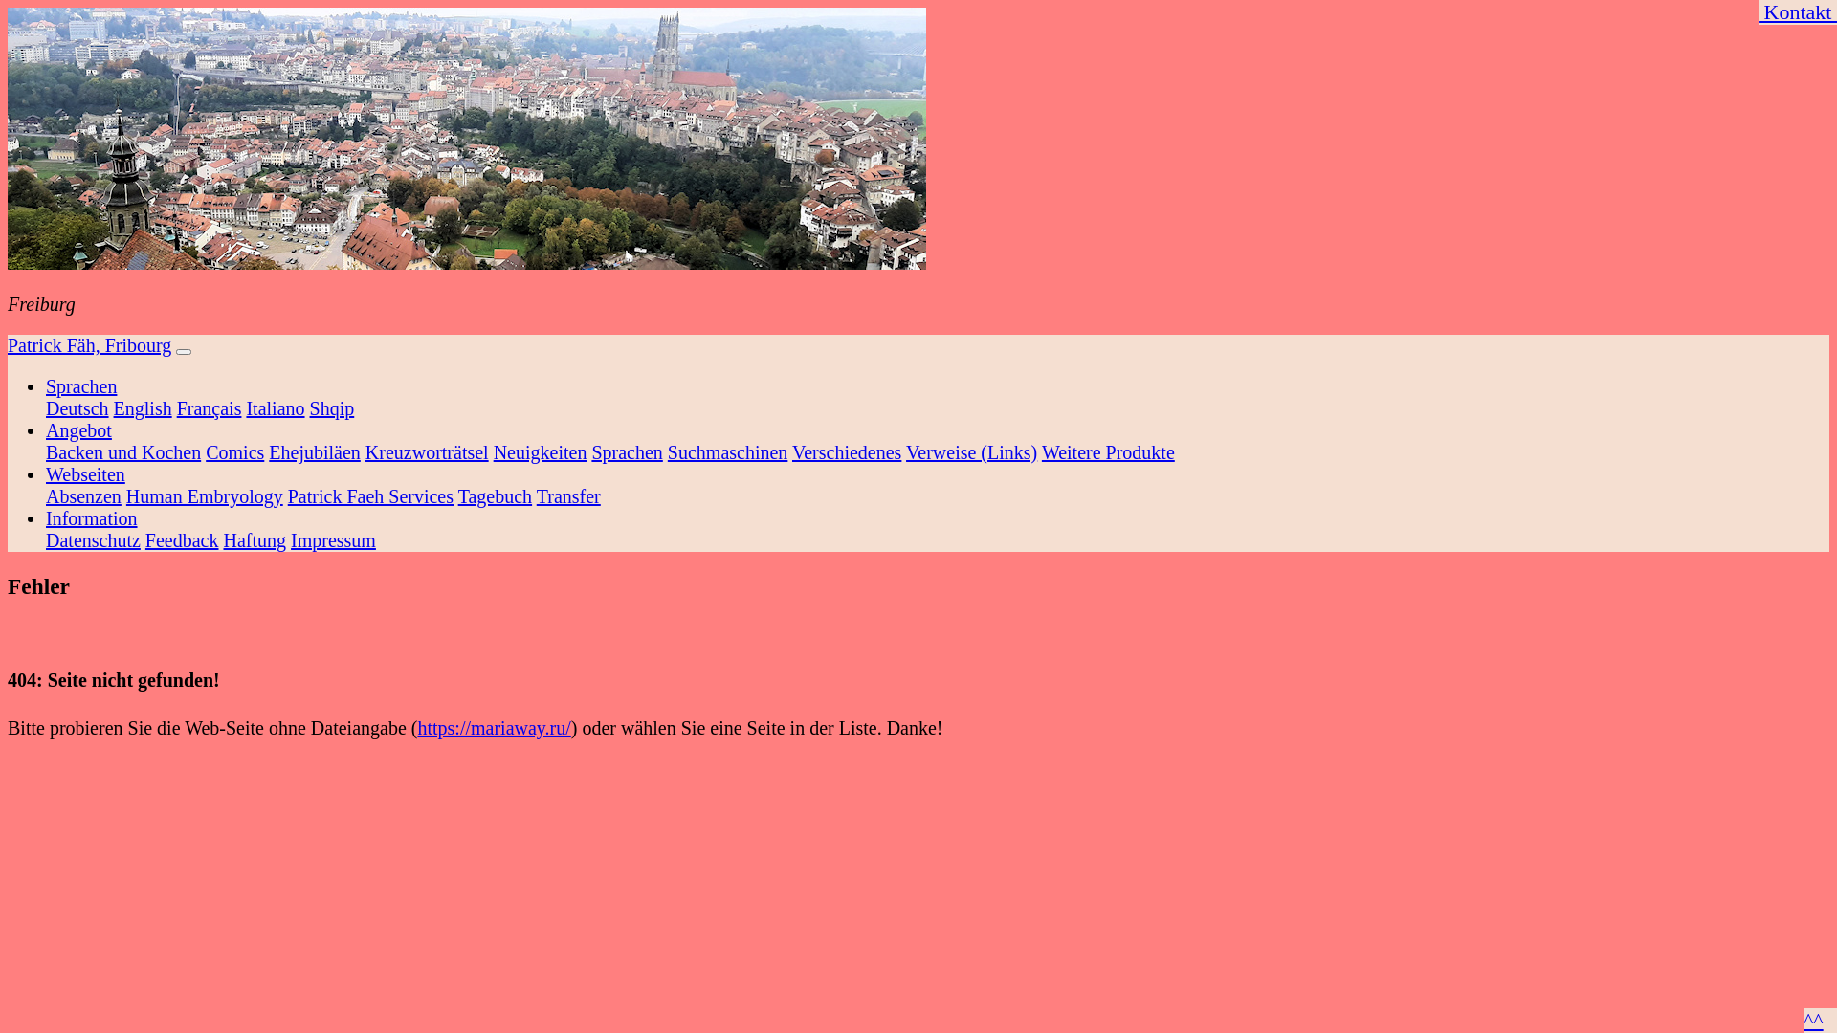 Image resolution: width=1837 pixels, height=1033 pixels. I want to click on 'Impressum', so click(289, 539).